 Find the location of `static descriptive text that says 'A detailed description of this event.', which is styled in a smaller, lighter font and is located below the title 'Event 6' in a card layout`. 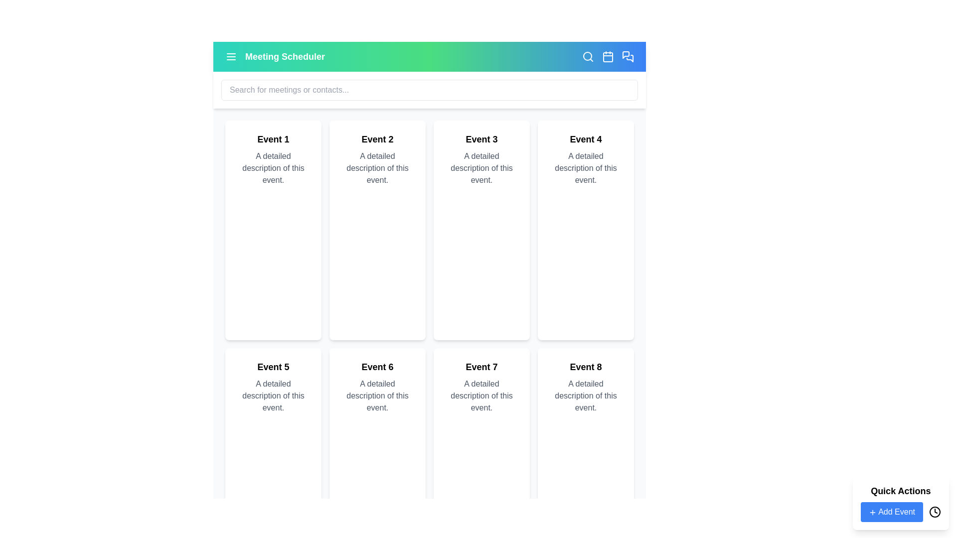

static descriptive text that says 'A detailed description of this event.', which is styled in a smaller, lighter font and is located below the title 'Event 6' in a card layout is located at coordinates (377, 395).